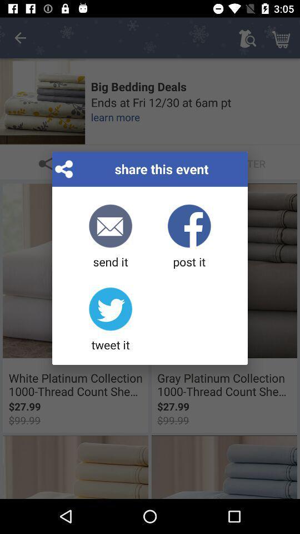  Describe the element at coordinates (111, 237) in the screenshot. I see `item to the left of post it` at that location.